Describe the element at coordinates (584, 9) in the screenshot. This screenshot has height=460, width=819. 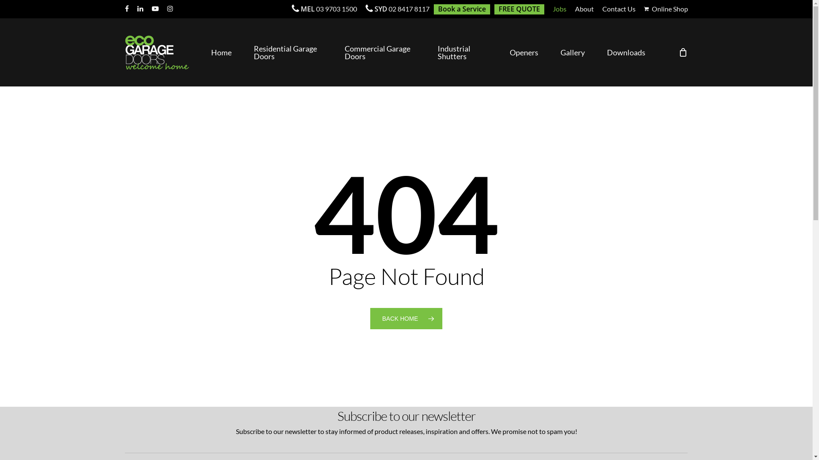
I see `'About'` at that location.